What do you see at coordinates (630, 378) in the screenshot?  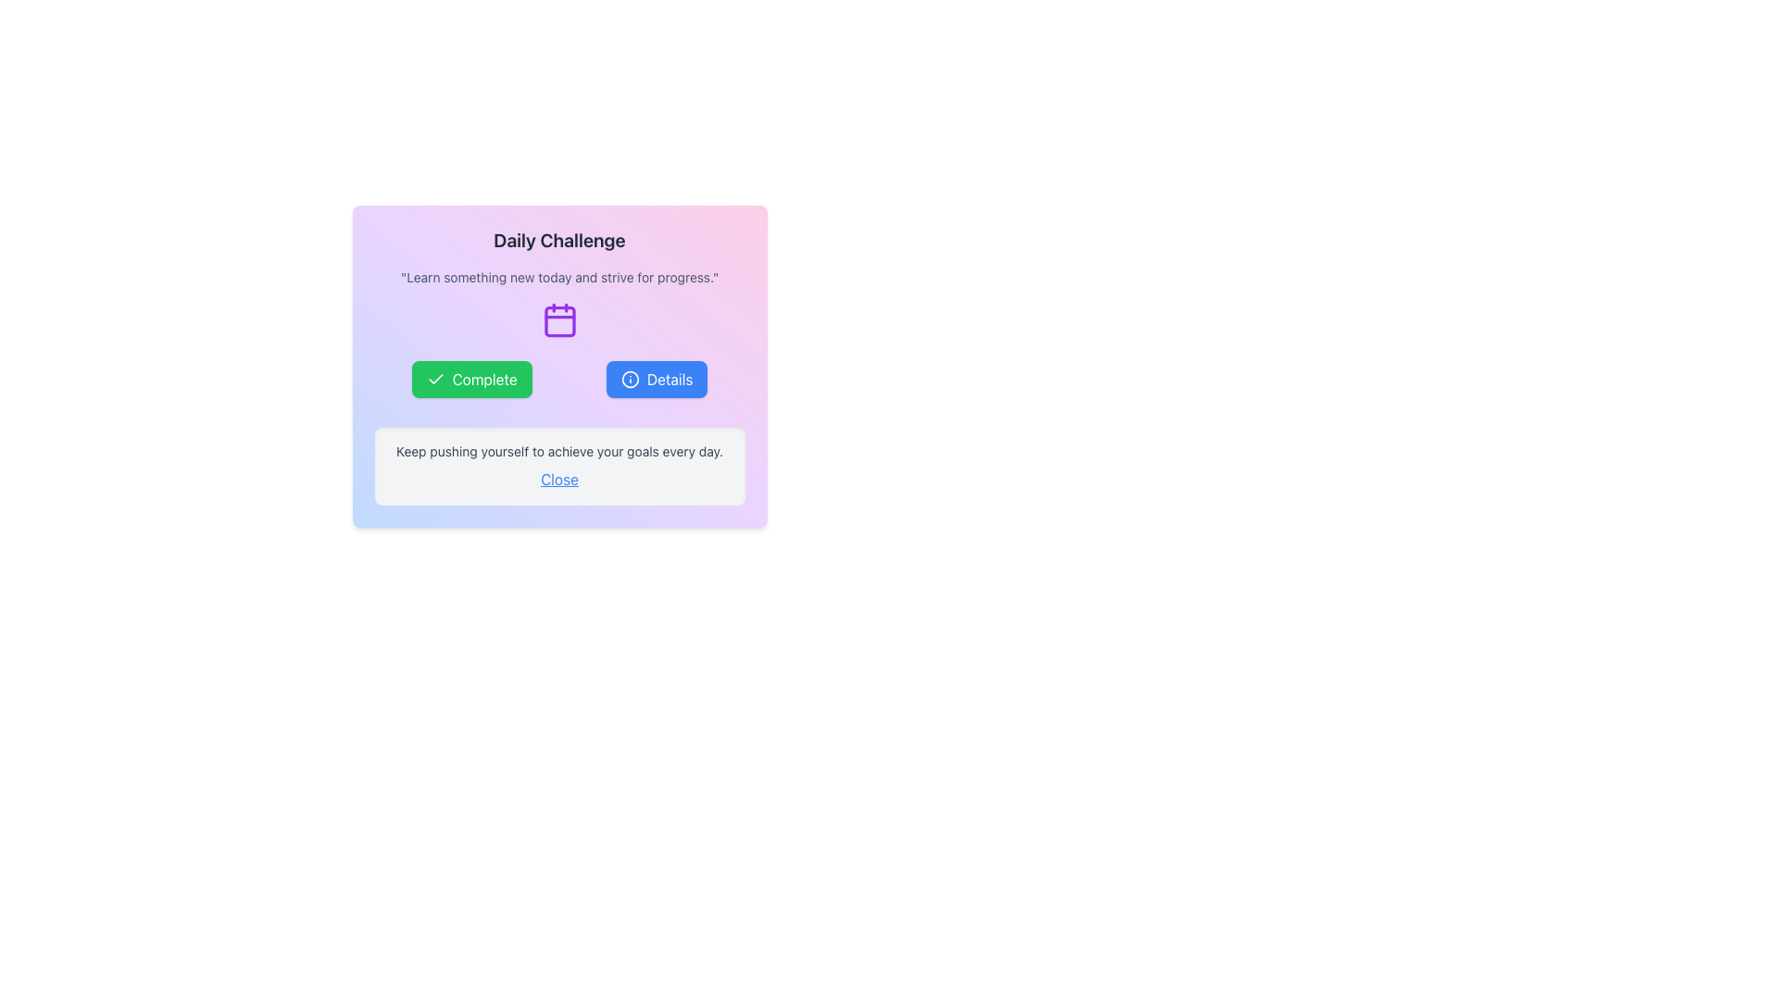 I see `the light blue circular information icon with a white border located to the left of the 'Details' button in the modal` at bounding box center [630, 378].